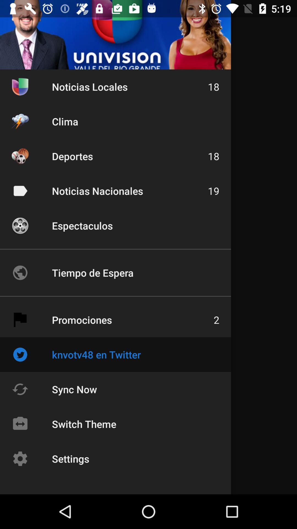  What do you see at coordinates (20, 272) in the screenshot?
I see `sixth icon from bottom` at bounding box center [20, 272].